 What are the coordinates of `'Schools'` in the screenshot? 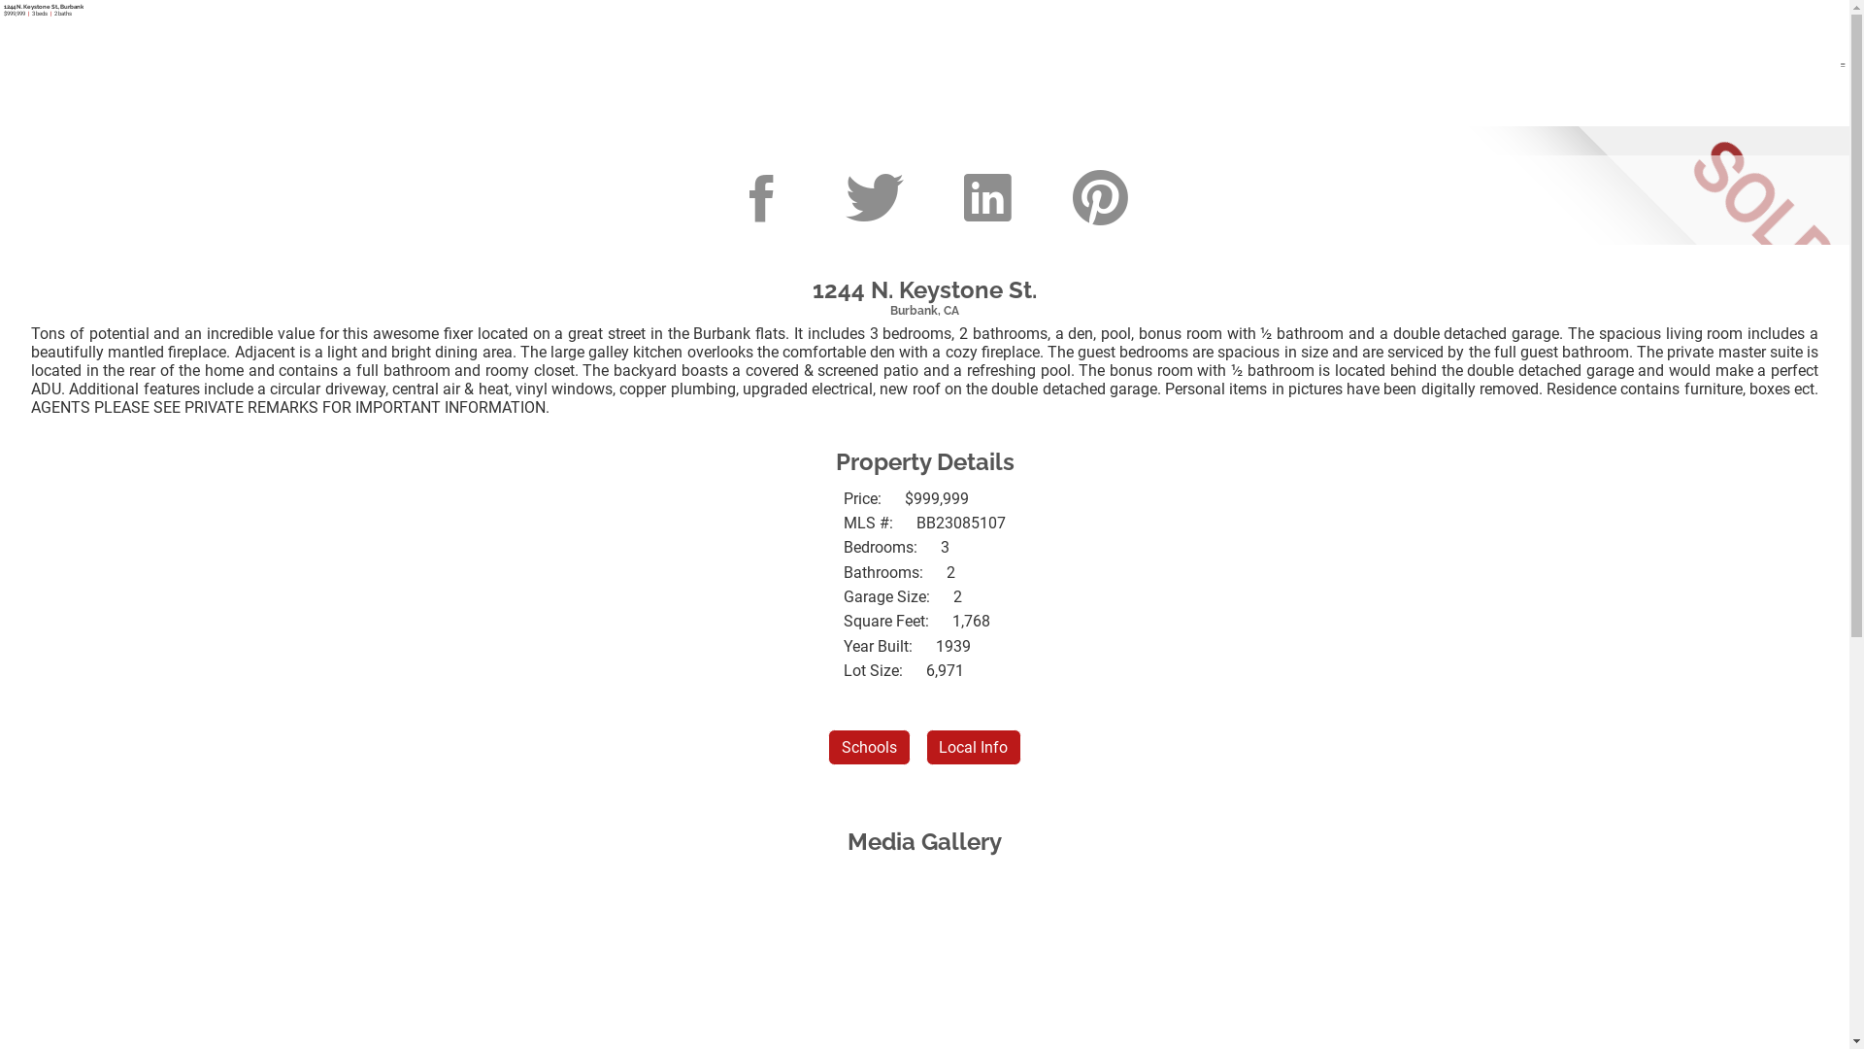 It's located at (828, 746).